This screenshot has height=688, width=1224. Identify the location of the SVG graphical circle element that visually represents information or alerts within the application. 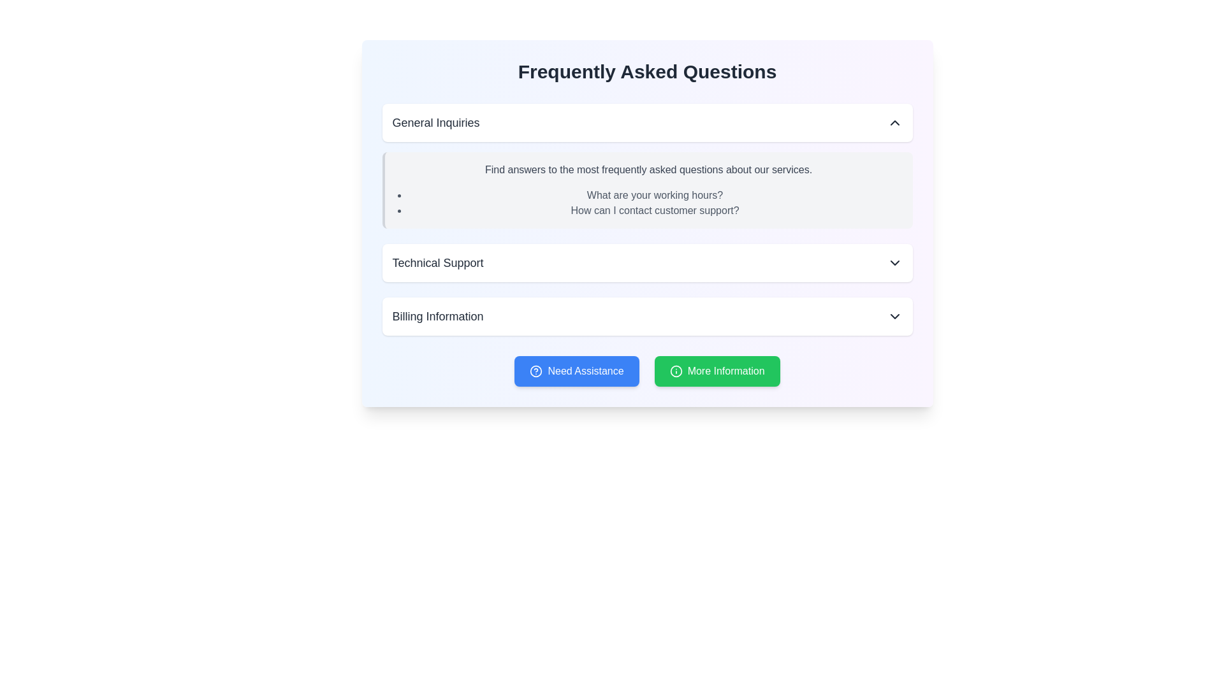
(675, 371).